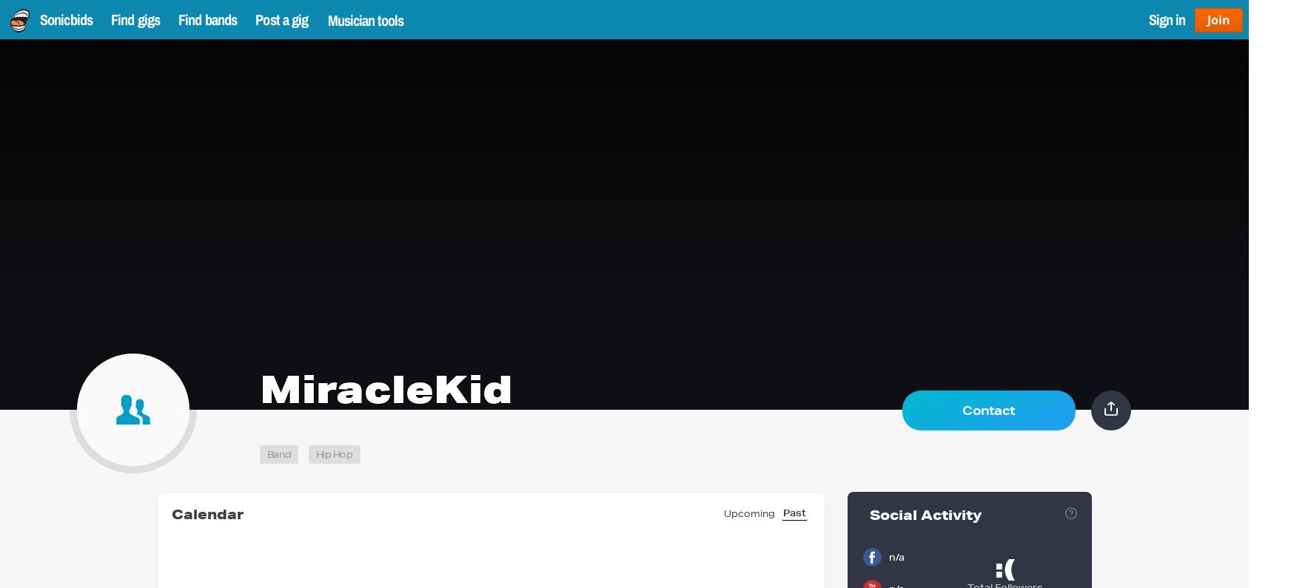  Describe the element at coordinates (170, 513) in the screenshot. I see `'Calendar'` at that location.